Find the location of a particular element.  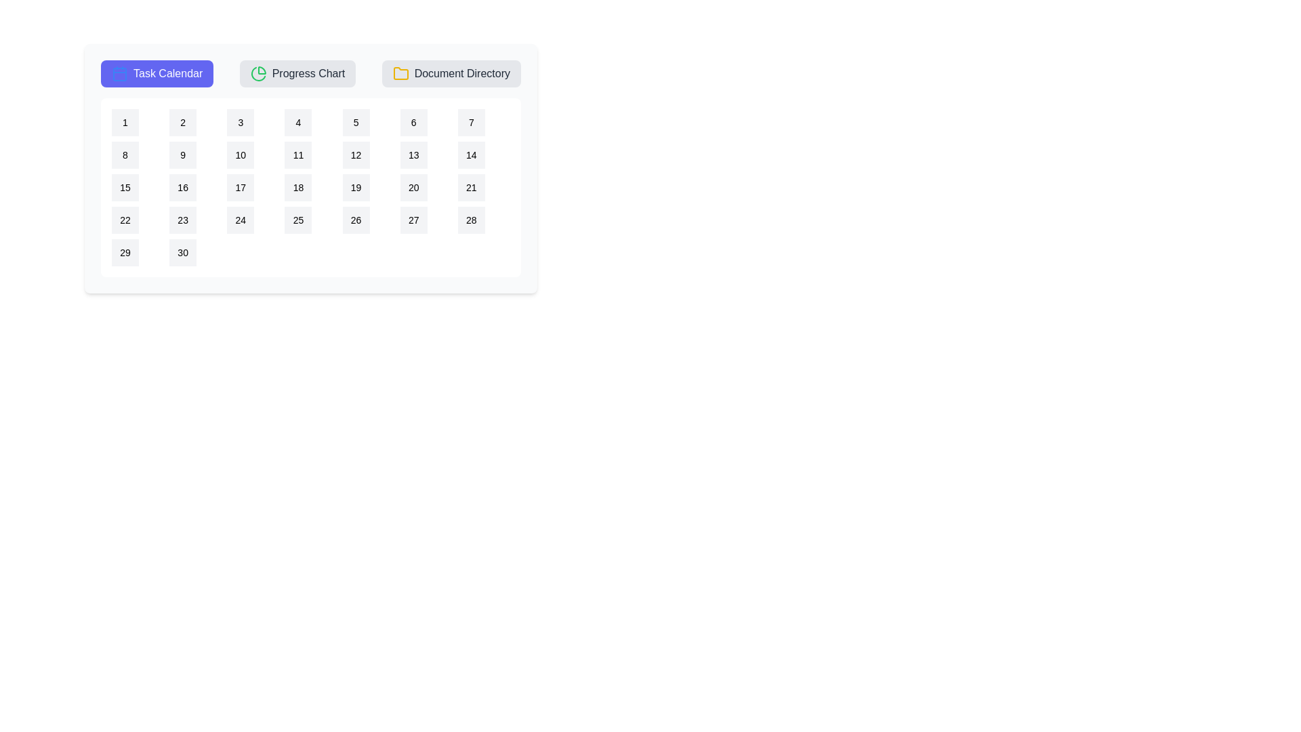

the Task Calendar tab is located at coordinates (157, 73).